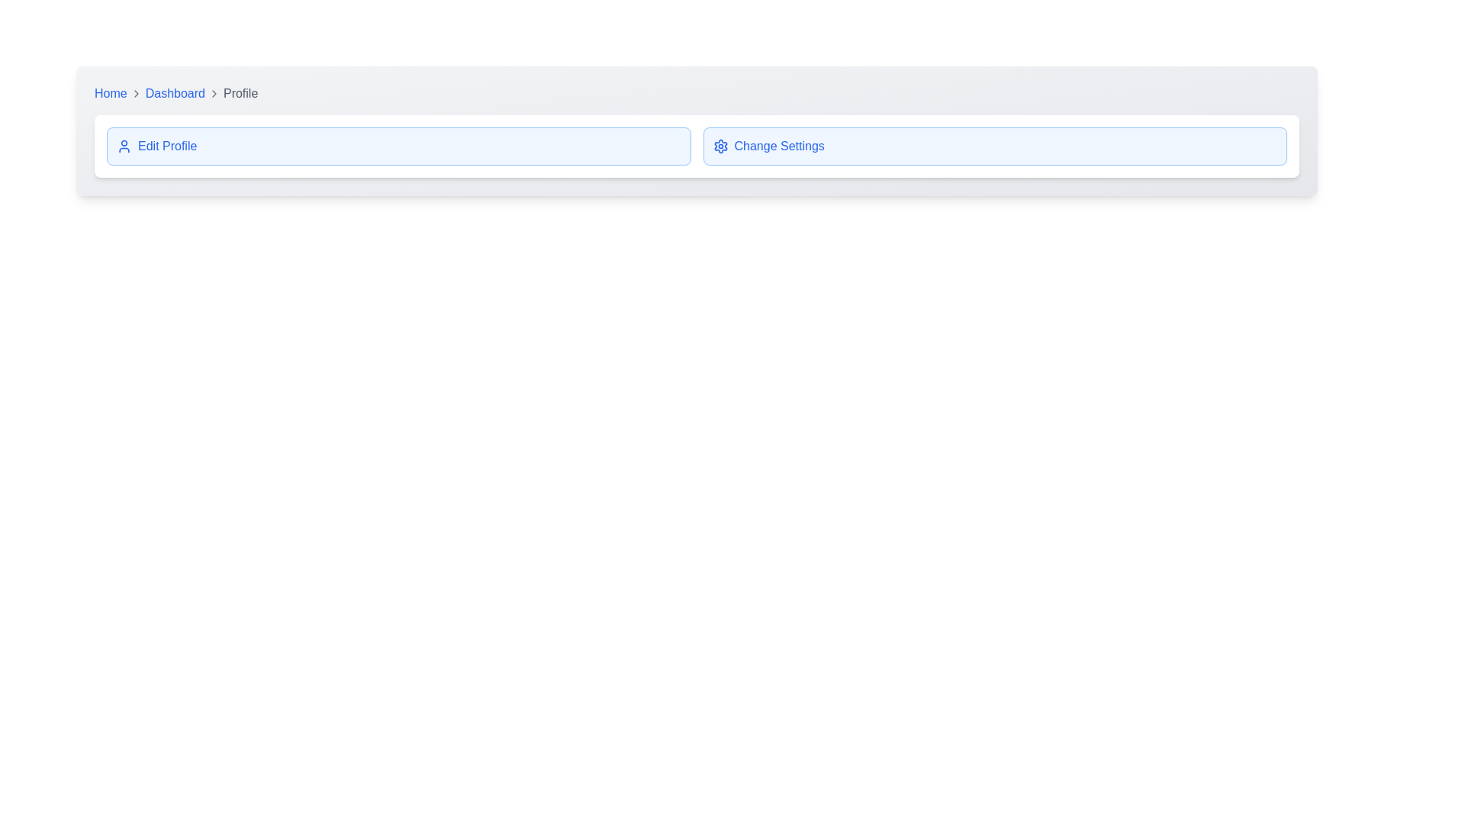  What do you see at coordinates (182, 94) in the screenshot?
I see `the hyperlink labeled as the second item in the breadcrumb navigation` at bounding box center [182, 94].